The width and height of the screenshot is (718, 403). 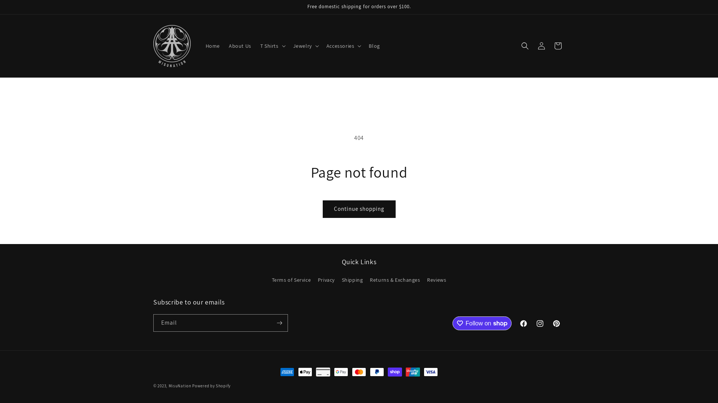 What do you see at coordinates (374, 46) in the screenshot?
I see `'Blog'` at bounding box center [374, 46].